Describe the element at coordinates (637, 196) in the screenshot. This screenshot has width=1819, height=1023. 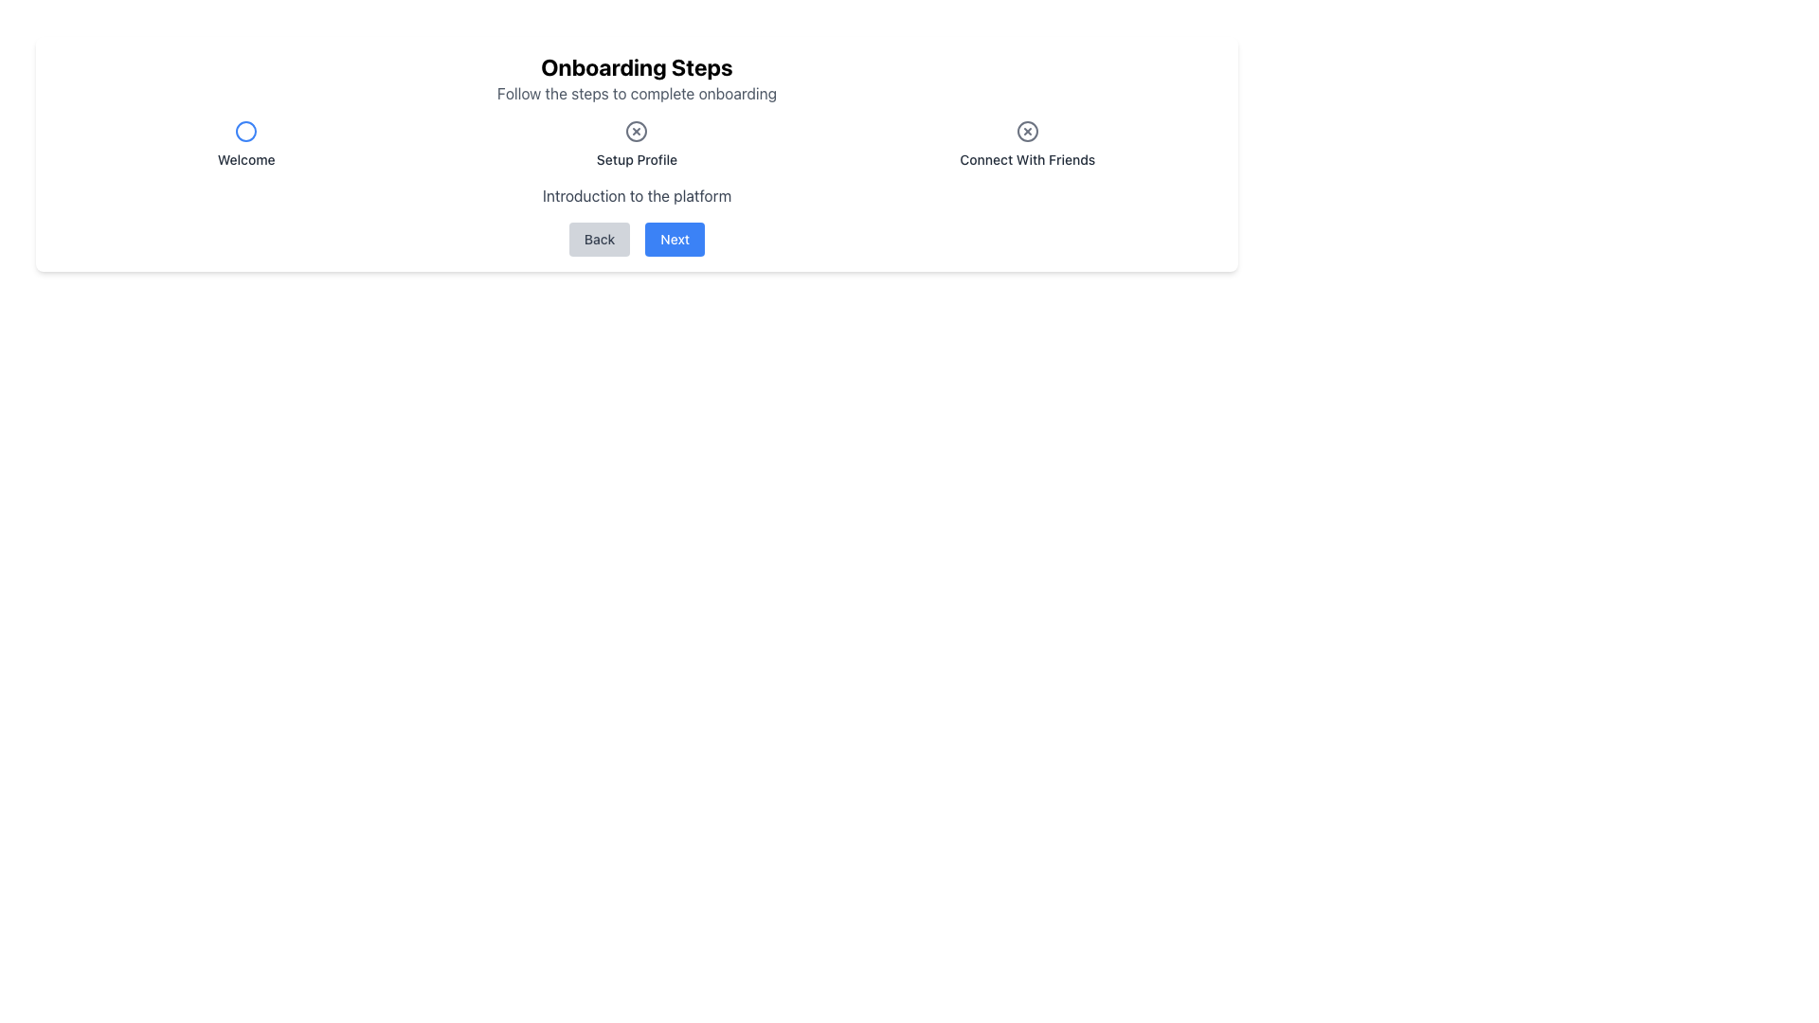
I see `the text label that reads 'Introduction to the platform', which is styled with a gray font and positioned centrally above the navigation buttons` at that location.